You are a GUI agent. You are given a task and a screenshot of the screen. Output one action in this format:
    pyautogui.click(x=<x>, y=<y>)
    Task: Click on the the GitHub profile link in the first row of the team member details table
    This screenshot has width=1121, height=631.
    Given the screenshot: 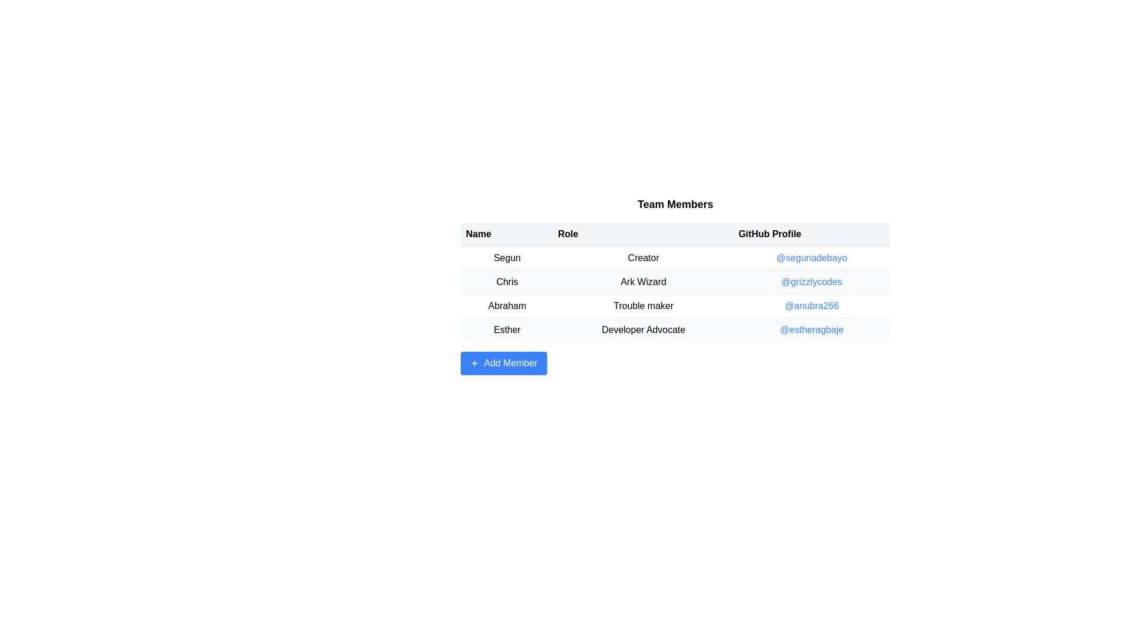 What is the action you would take?
    pyautogui.click(x=675, y=258)
    